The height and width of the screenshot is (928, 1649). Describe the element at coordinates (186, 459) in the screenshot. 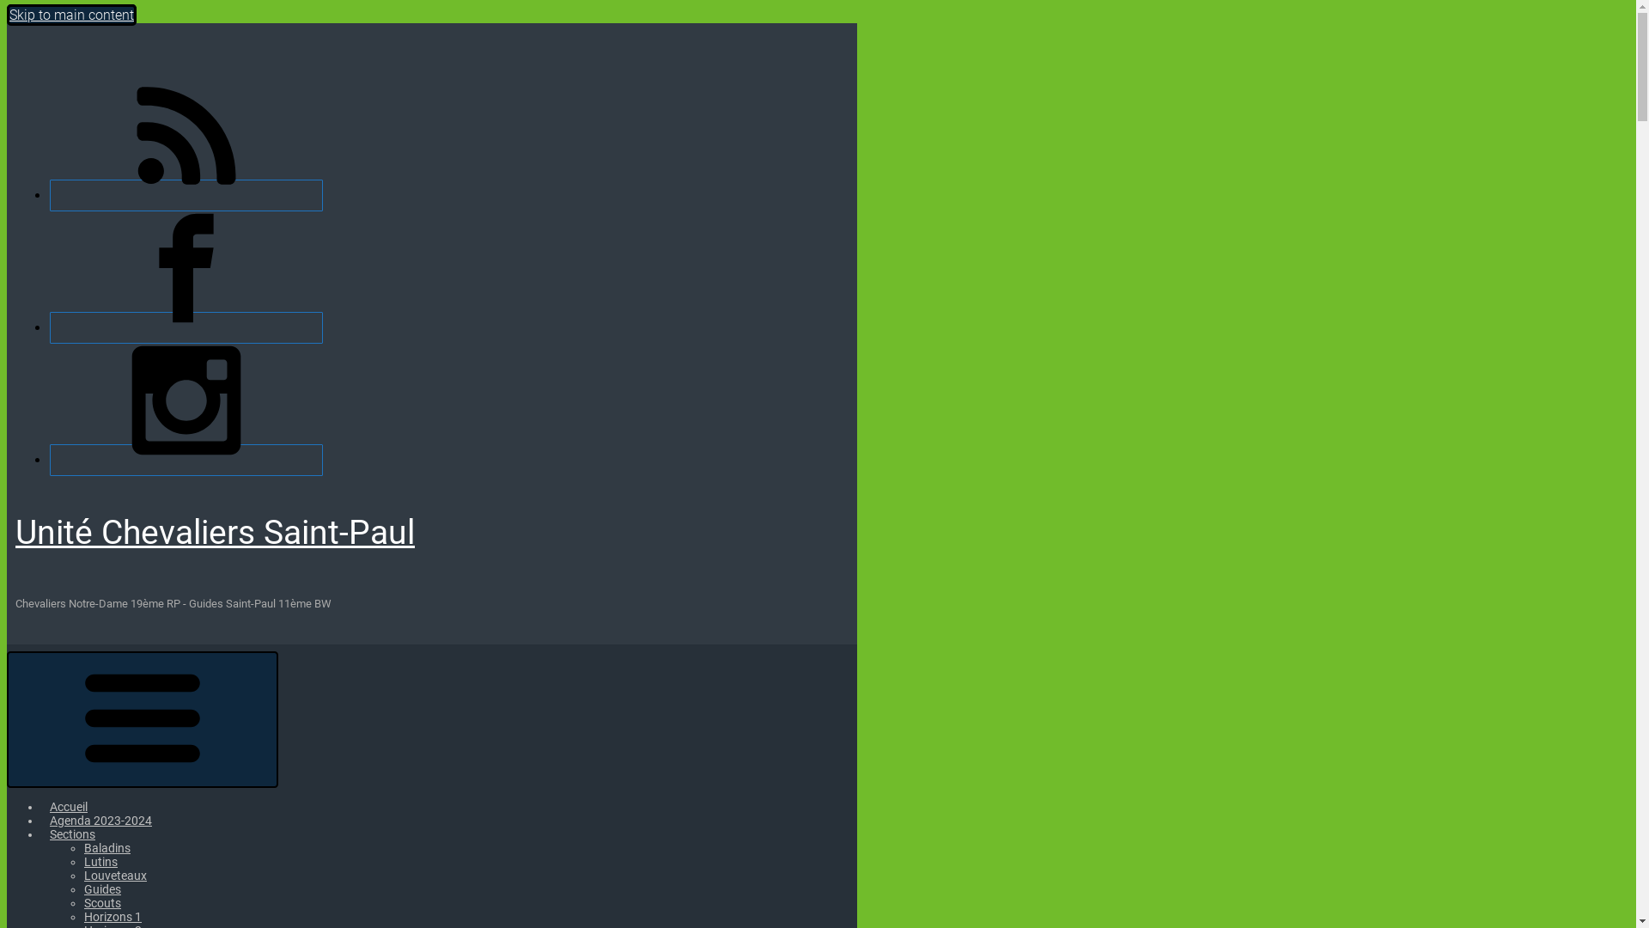

I see `'Instagram'` at that location.